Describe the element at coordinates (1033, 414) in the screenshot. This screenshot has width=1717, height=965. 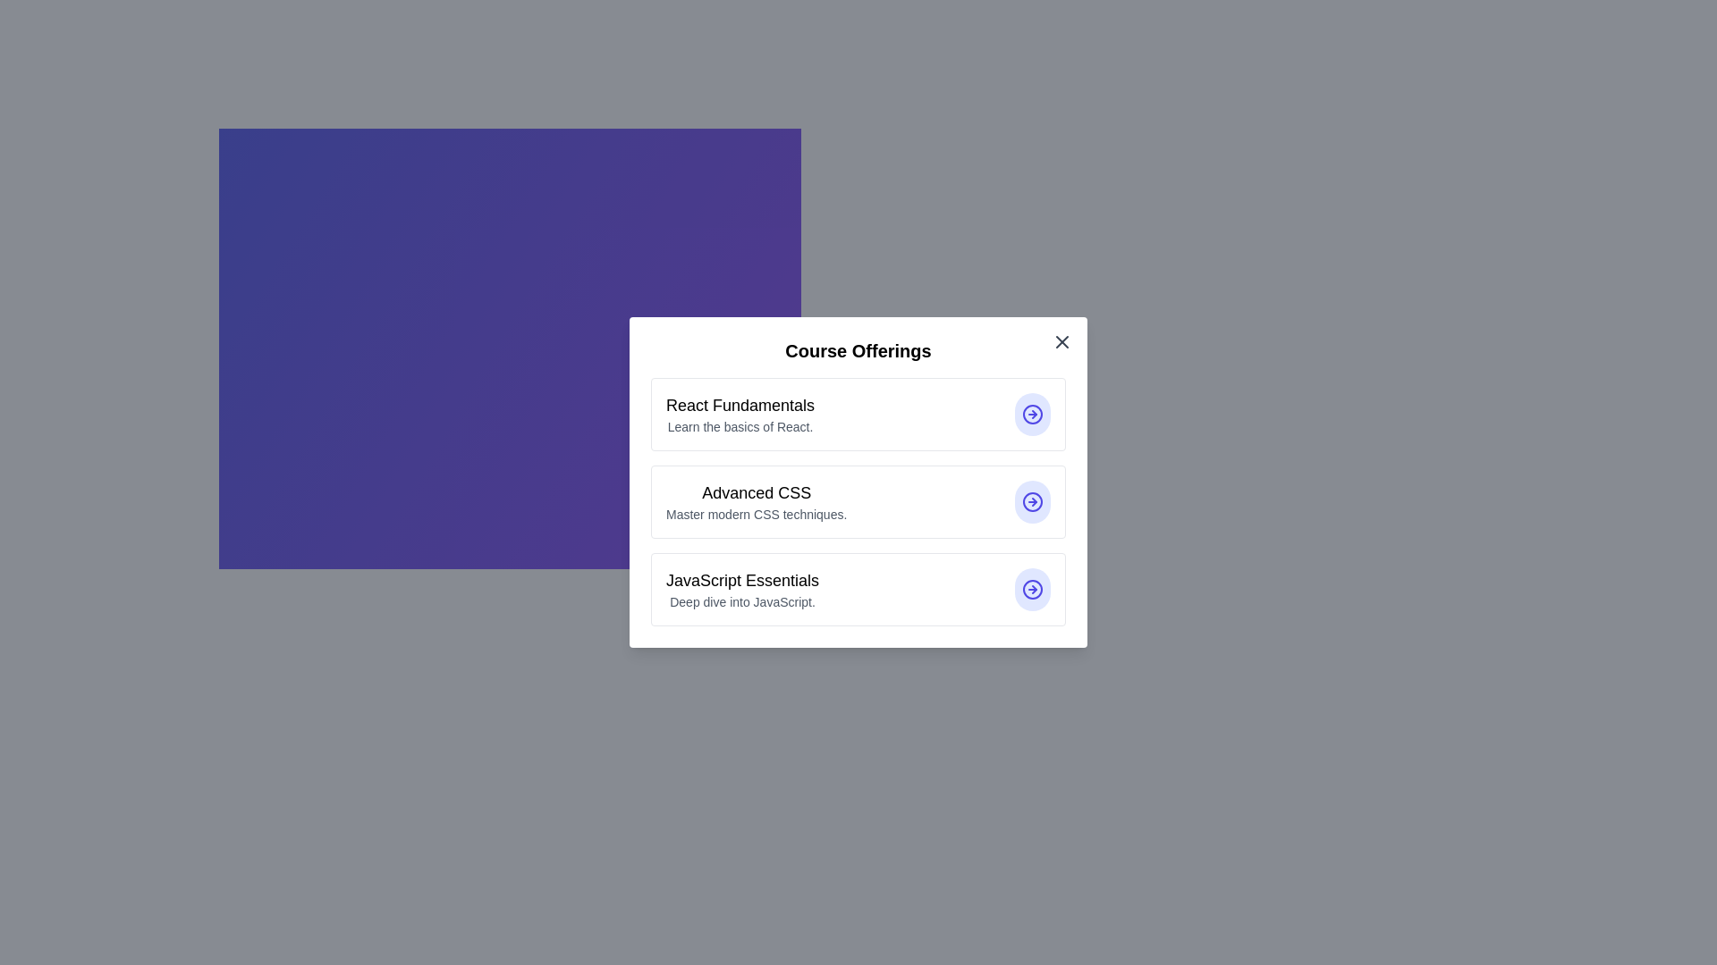
I see `the Circular navigation button located at the far right of the 'React Fundamentals' course item block to change its background color` at that location.